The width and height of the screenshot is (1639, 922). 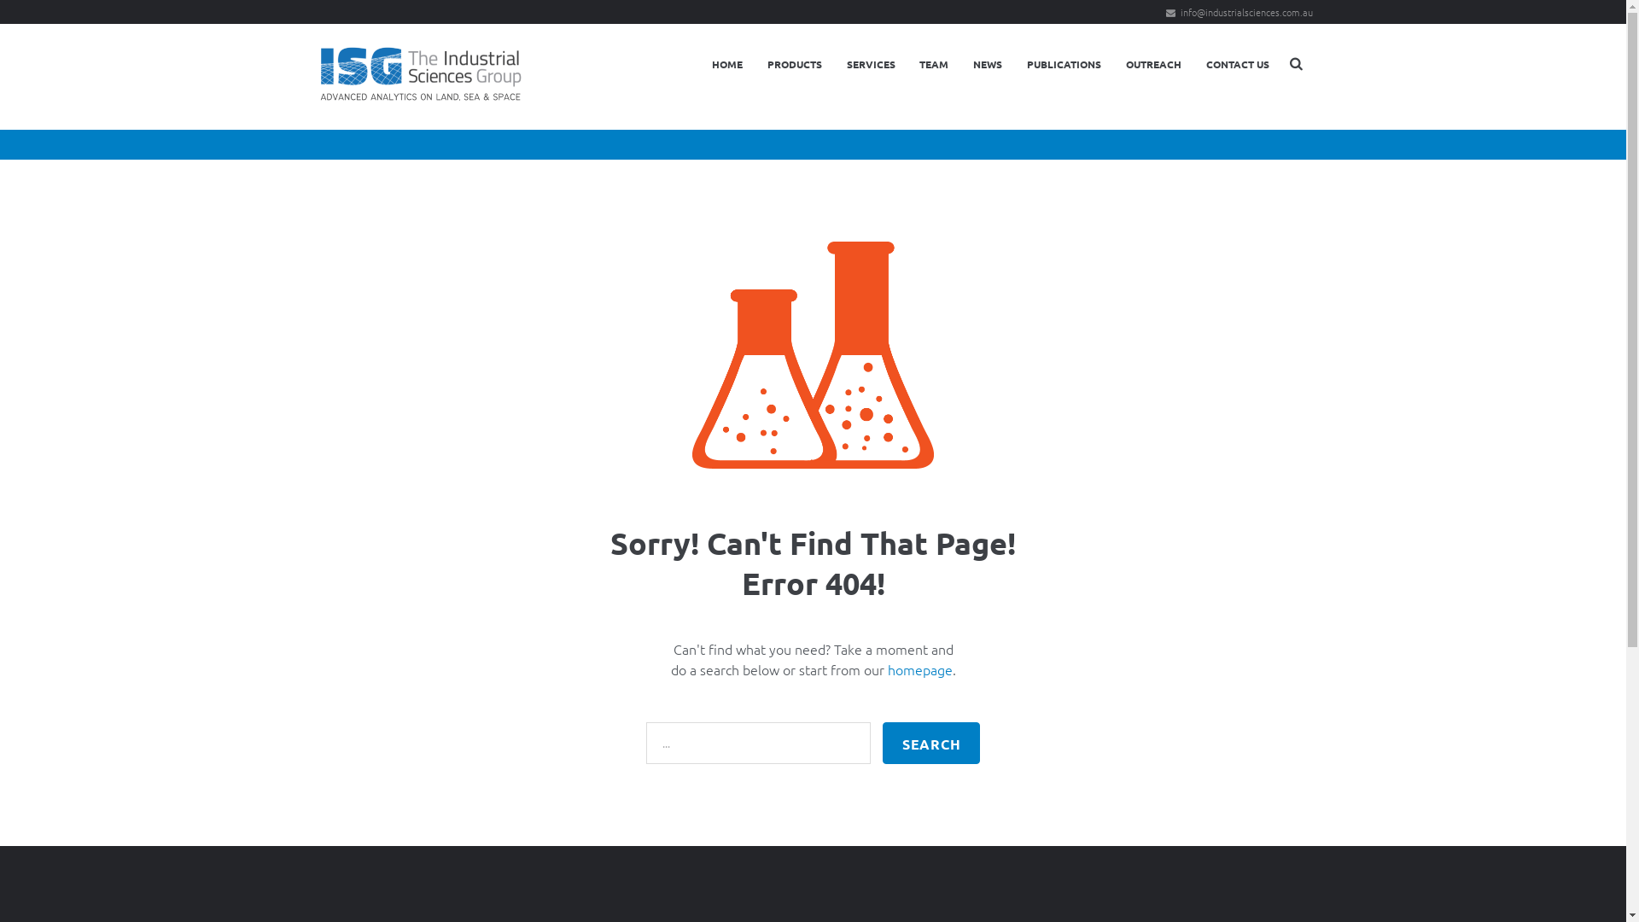 What do you see at coordinates (870, 63) in the screenshot?
I see `'SERVICES'` at bounding box center [870, 63].